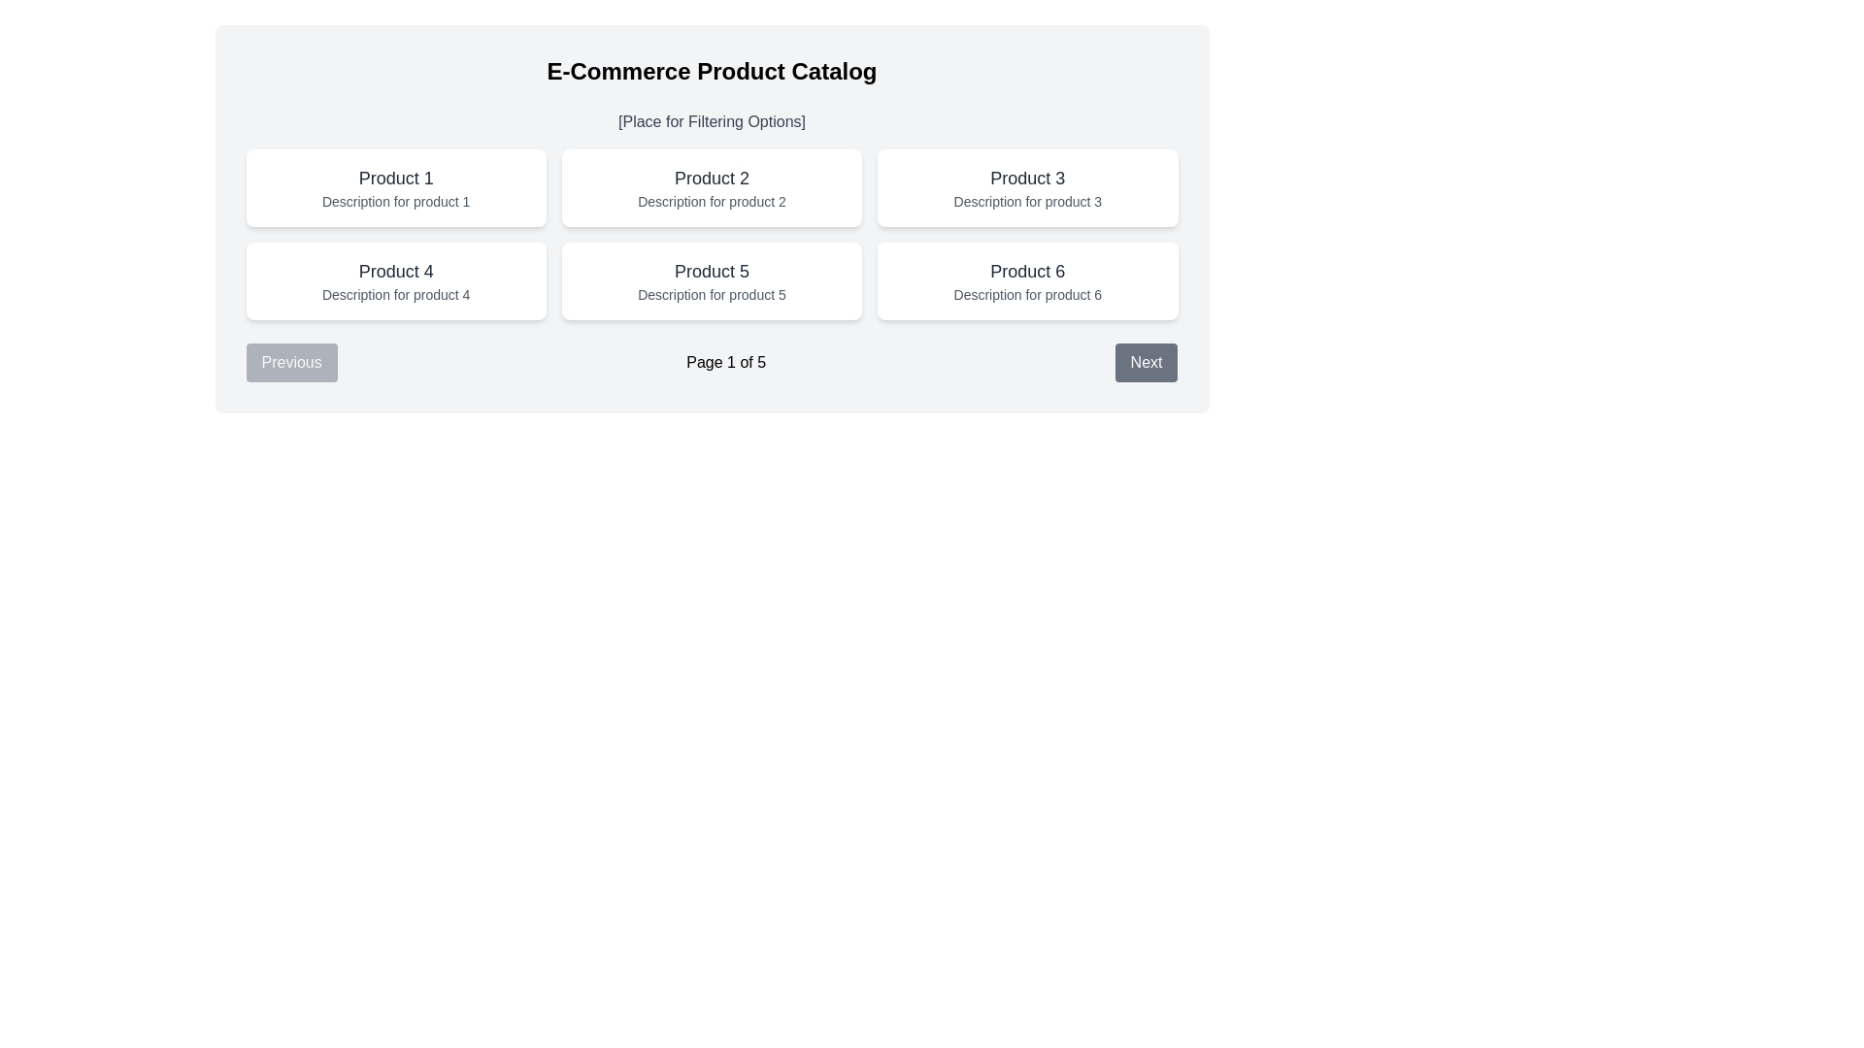  What do you see at coordinates (1026, 280) in the screenshot?
I see `the white rectangular card titled 'Product 6', located in the bottom-right corner of the grid layout` at bounding box center [1026, 280].